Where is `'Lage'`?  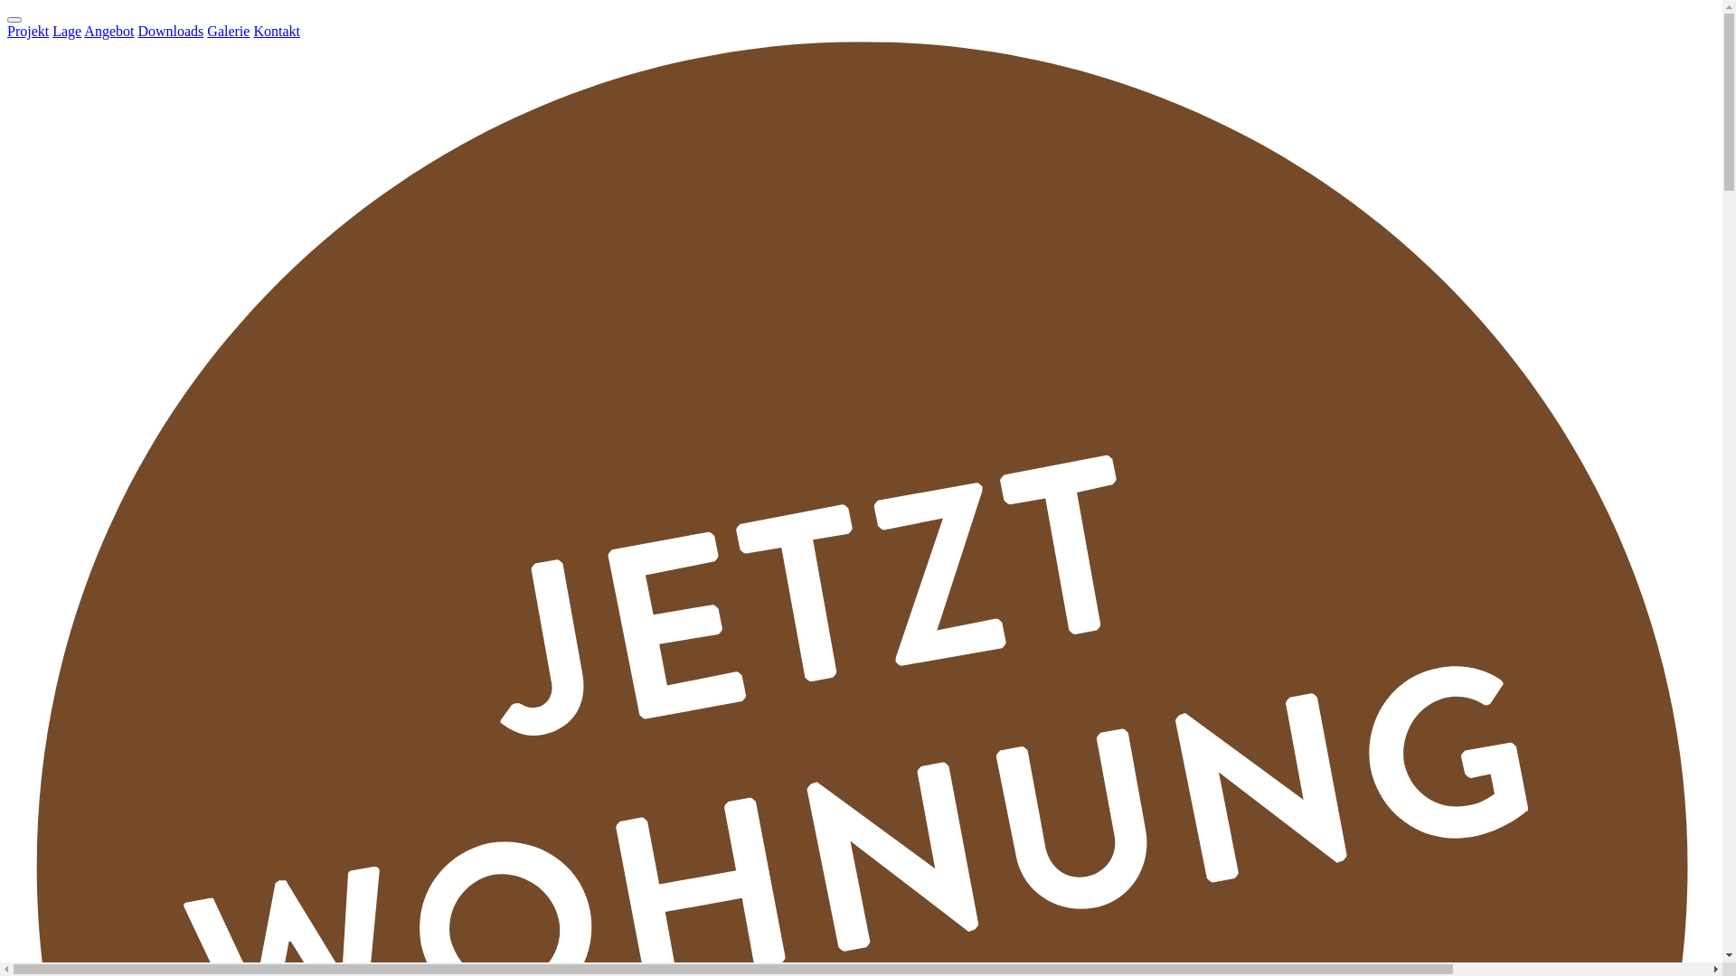 'Lage' is located at coordinates (66, 31).